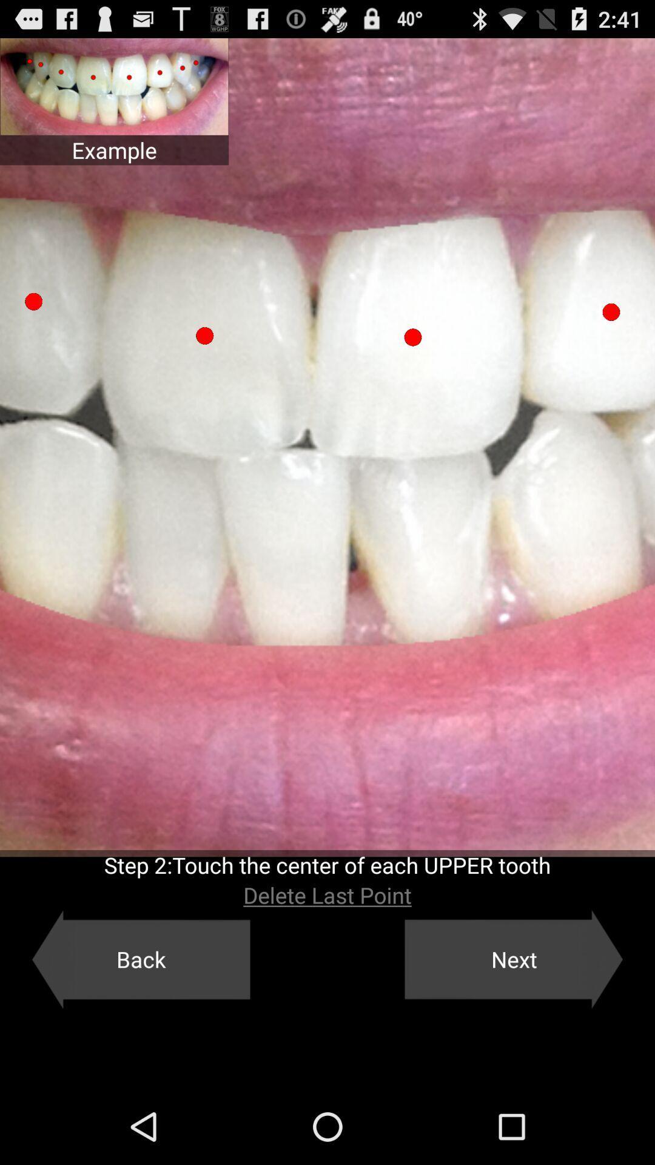 Image resolution: width=655 pixels, height=1165 pixels. Describe the element at coordinates (514, 959) in the screenshot. I see `the next item` at that location.